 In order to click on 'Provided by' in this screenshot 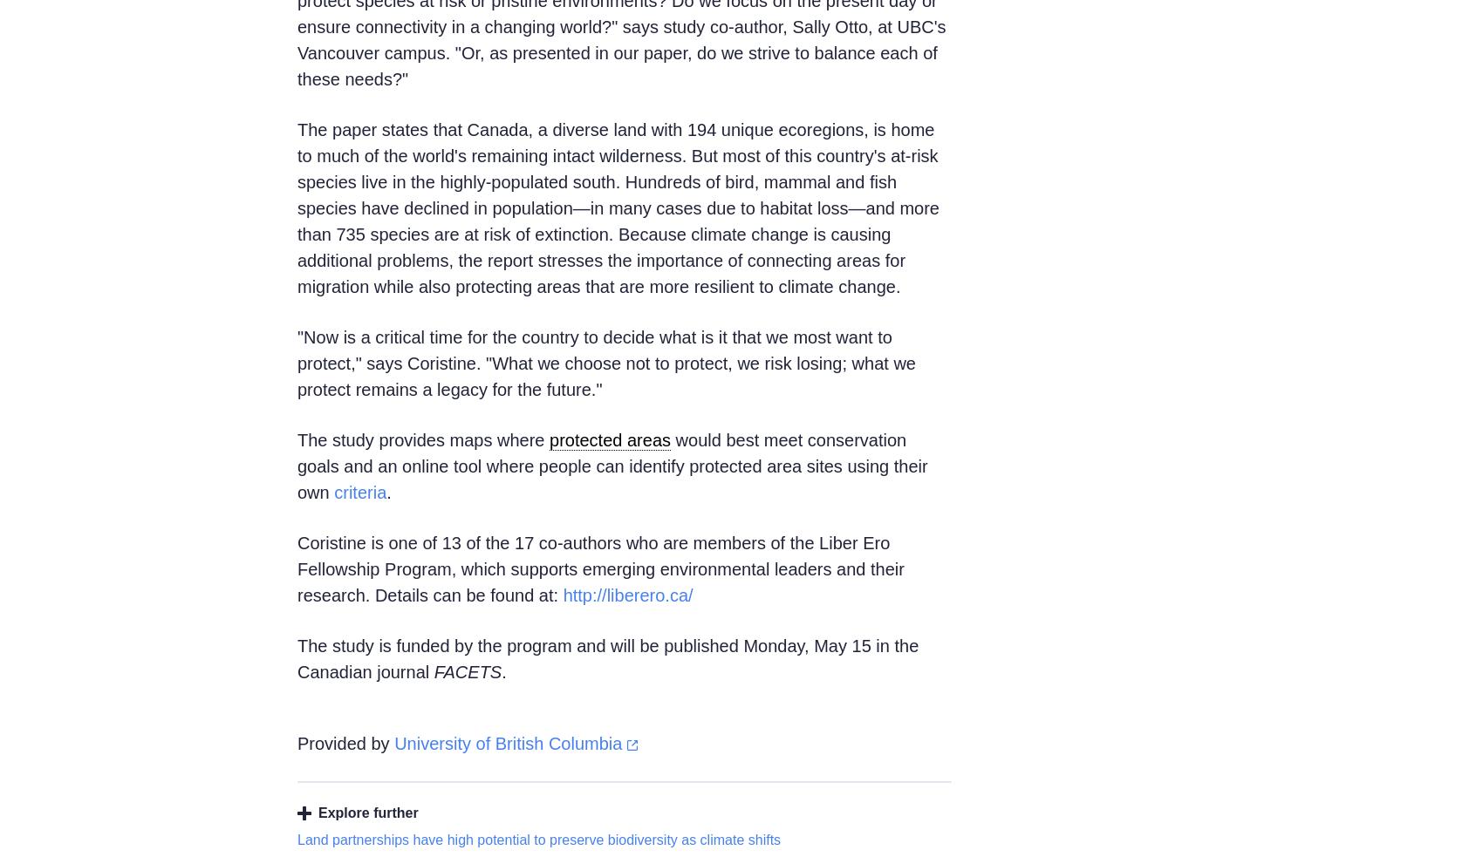, I will do `click(296, 744)`.